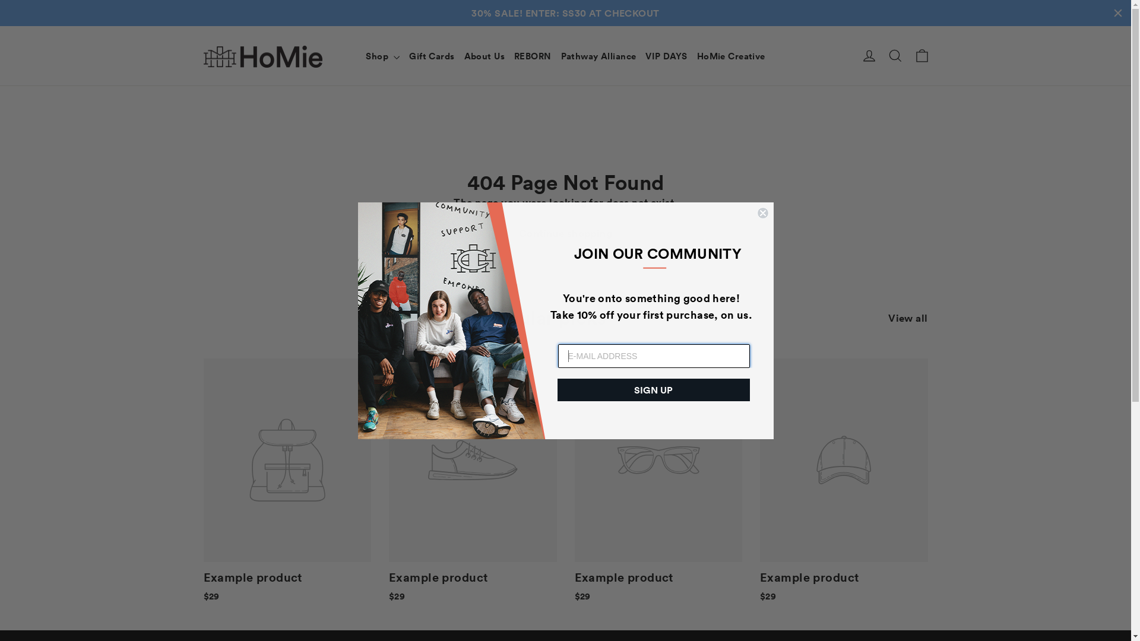 This screenshot has width=1140, height=641. I want to click on 'SIGN UP', so click(652, 389).